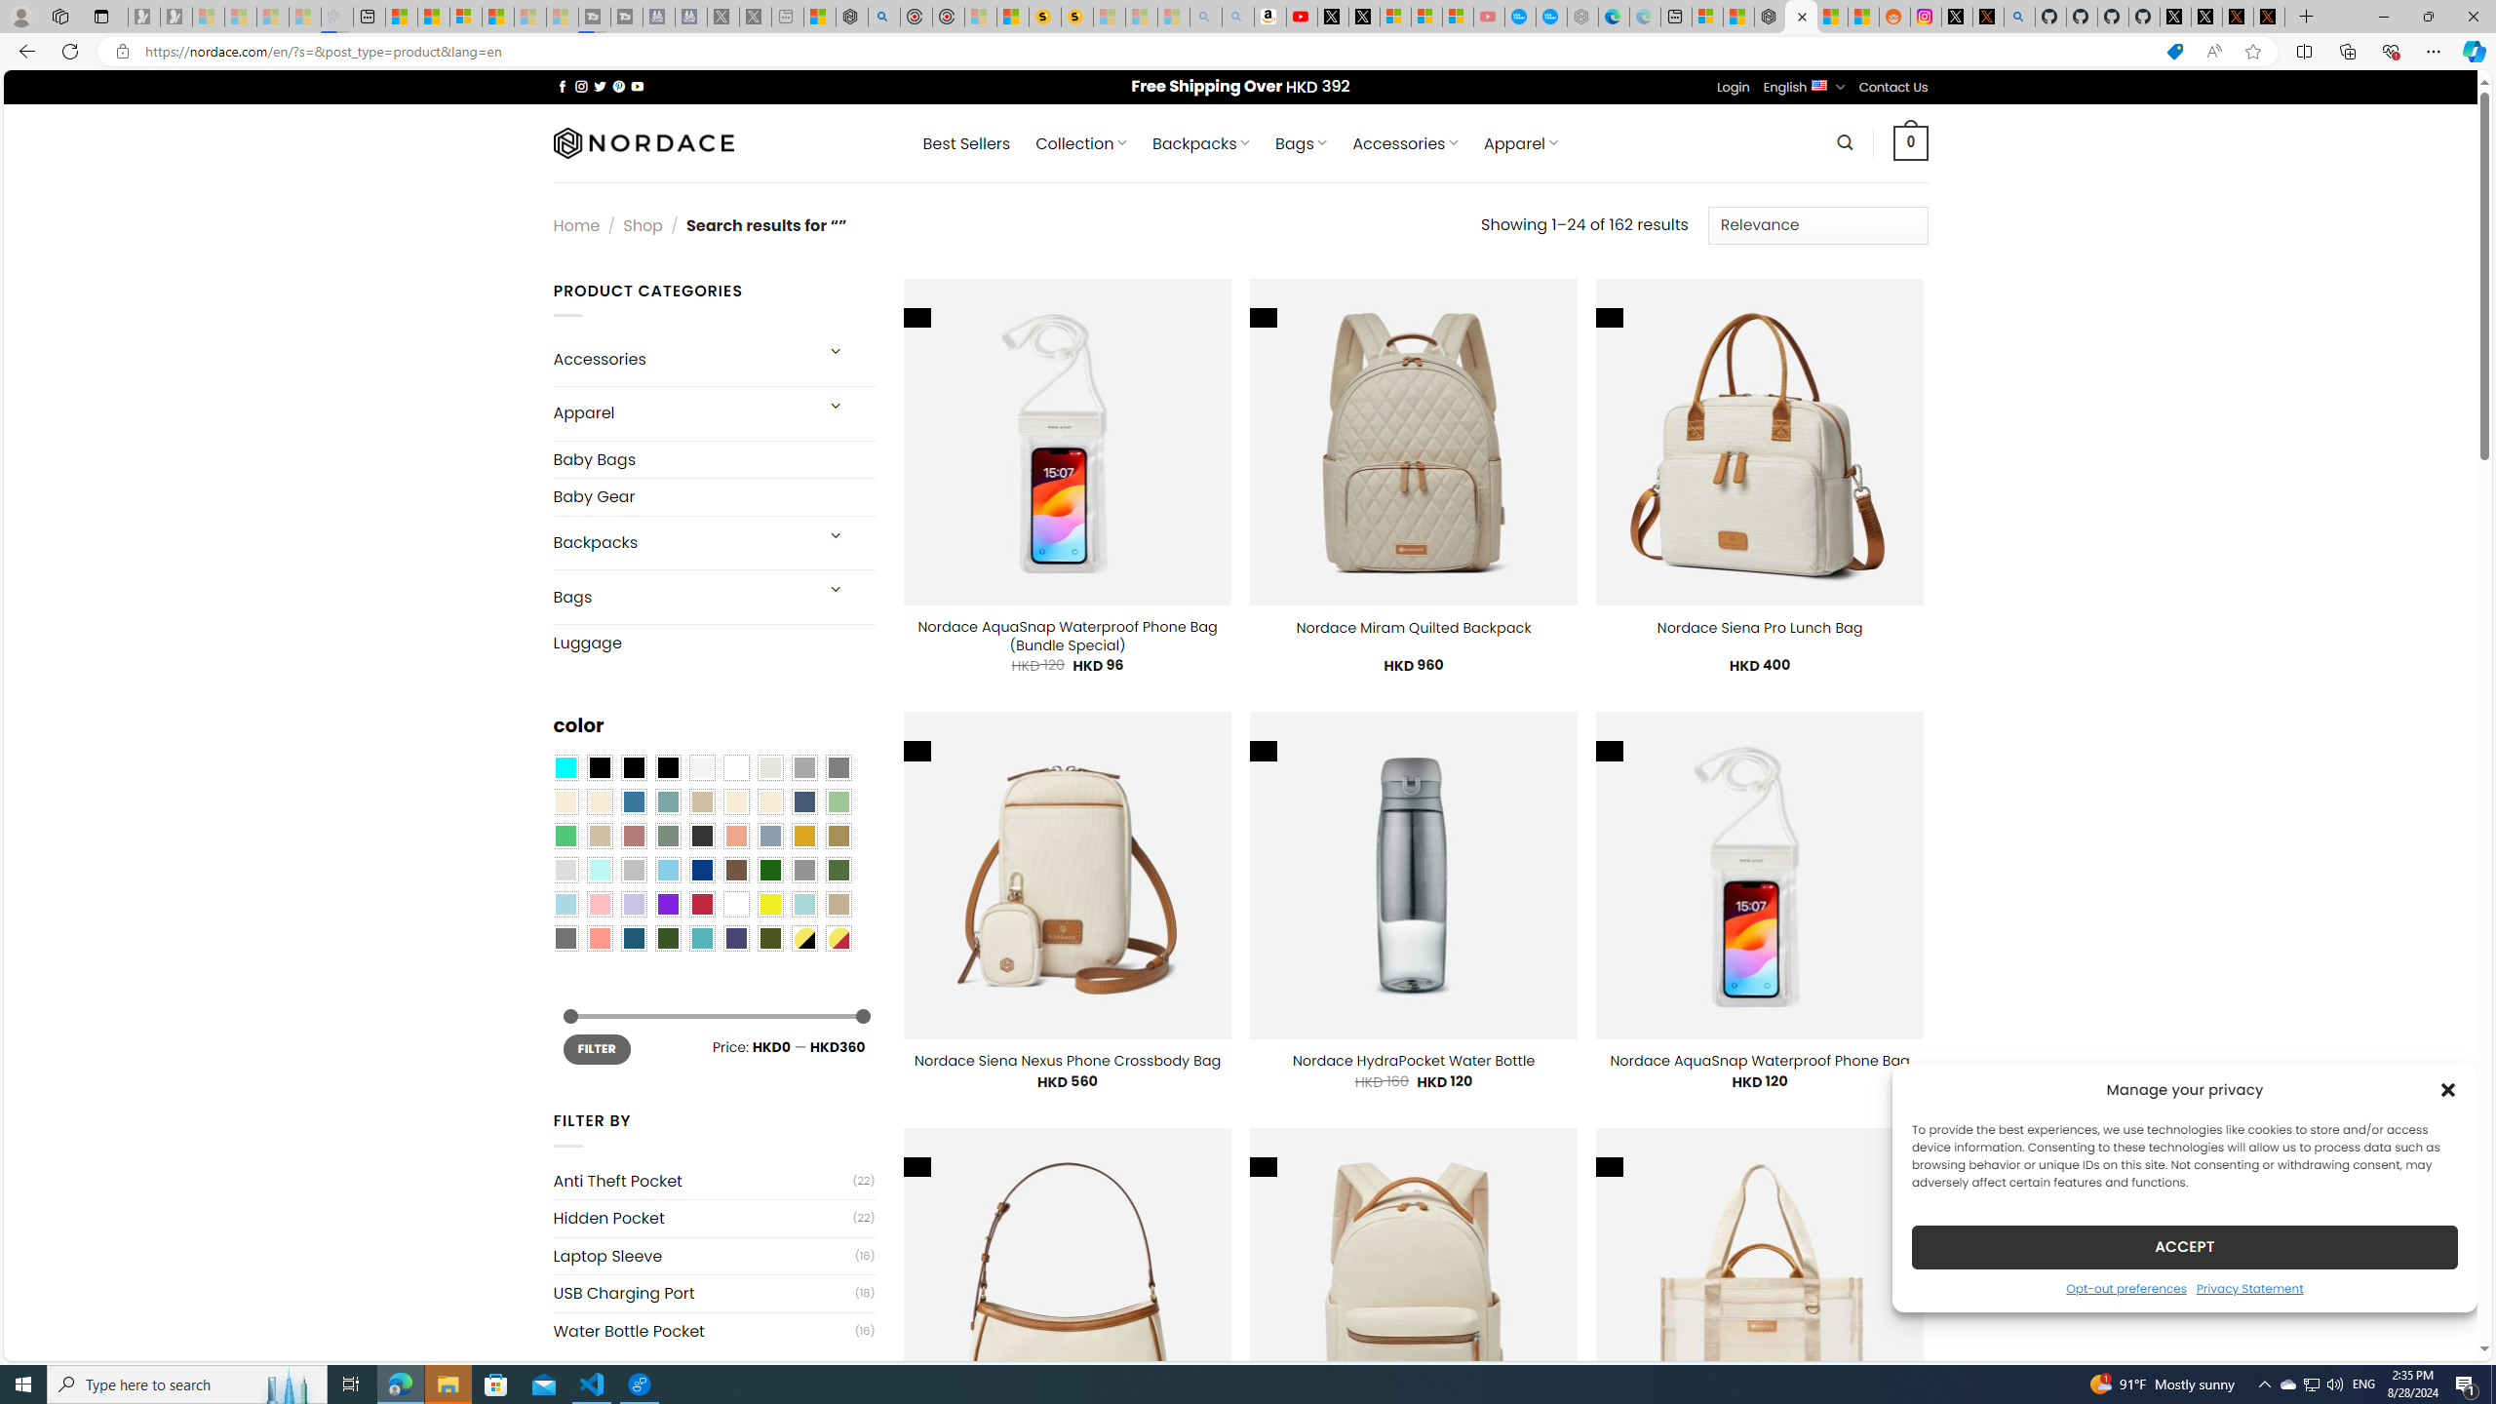  I want to click on 'Follow on YouTube', so click(637, 86).